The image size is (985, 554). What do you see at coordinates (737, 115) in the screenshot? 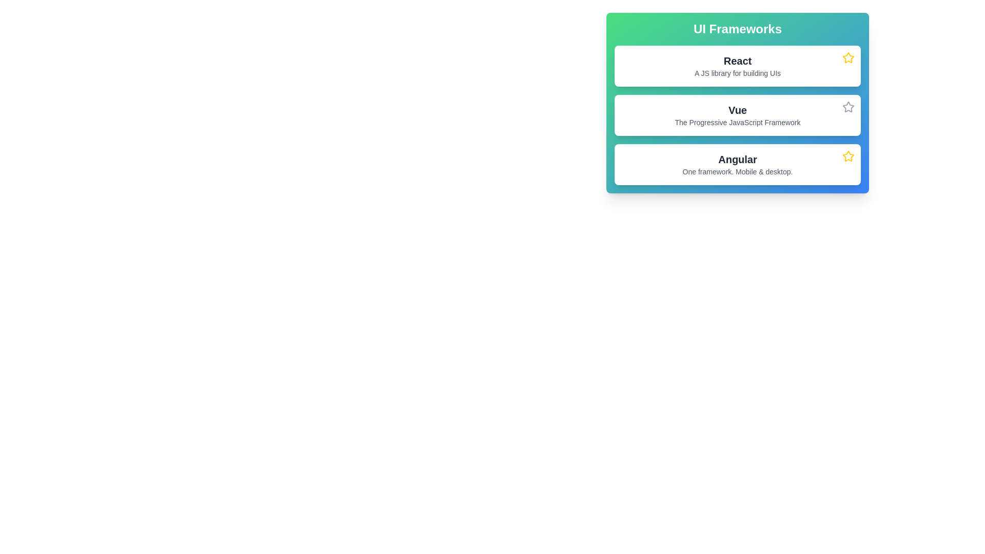
I see `information displayed on the second card representing the Vue JavaScript framework, located between the 'React' card and the 'Angular' card within the 'UI Frameworks' section` at bounding box center [737, 115].